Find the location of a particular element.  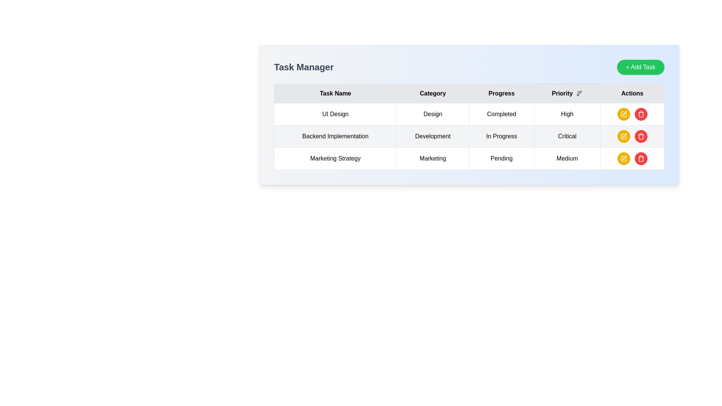

the 'Category' column header text label, which is the second column in the table layout, positioned between the 'Task Name' header and the 'Progress' header, located in the top center portion of the interface with a gray background is located at coordinates (433, 93).